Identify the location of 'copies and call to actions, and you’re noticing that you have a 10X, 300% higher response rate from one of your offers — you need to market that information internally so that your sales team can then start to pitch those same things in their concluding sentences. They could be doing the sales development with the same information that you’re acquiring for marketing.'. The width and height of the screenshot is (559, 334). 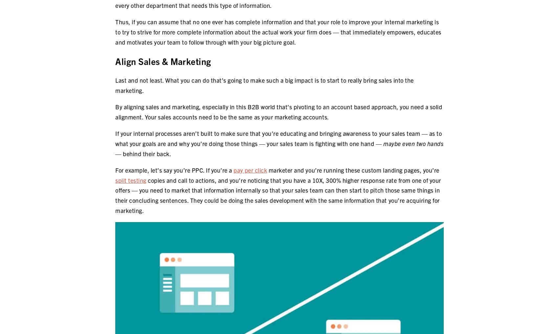
(278, 195).